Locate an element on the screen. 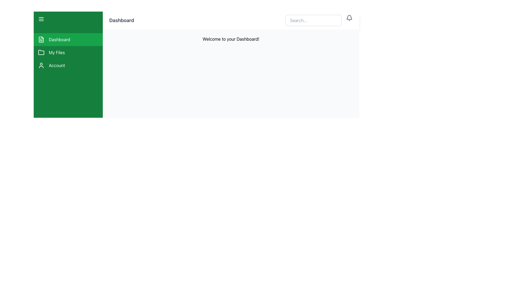 The height and width of the screenshot is (291, 518). the 'Dashboard' button located in the green sidebar, which is the first item in the vertical list is located at coordinates (68, 39).